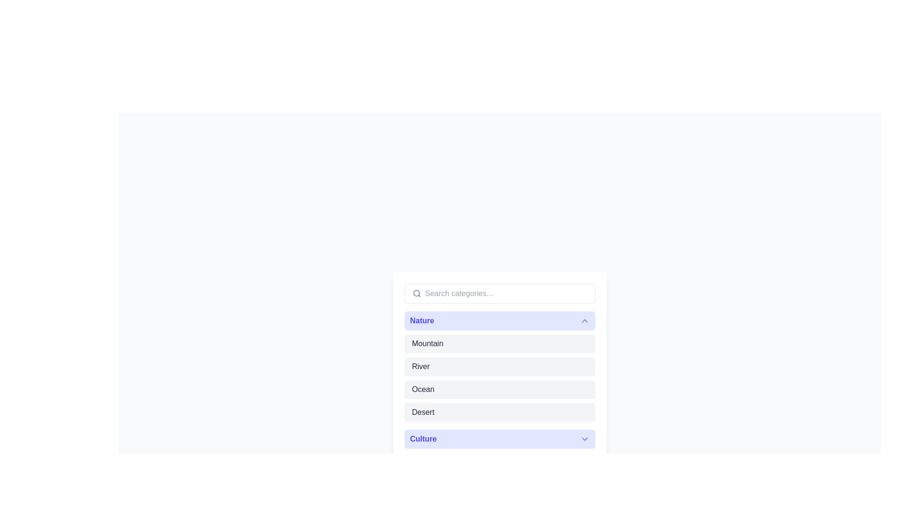 Image resolution: width=916 pixels, height=515 pixels. Describe the element at coordinates (584, 320) in the screenshot. I see `the interactive icon indicating the expandable or collapsible state of the 'Nature' menu, located adjacent to the 'Nature' label` at that location.